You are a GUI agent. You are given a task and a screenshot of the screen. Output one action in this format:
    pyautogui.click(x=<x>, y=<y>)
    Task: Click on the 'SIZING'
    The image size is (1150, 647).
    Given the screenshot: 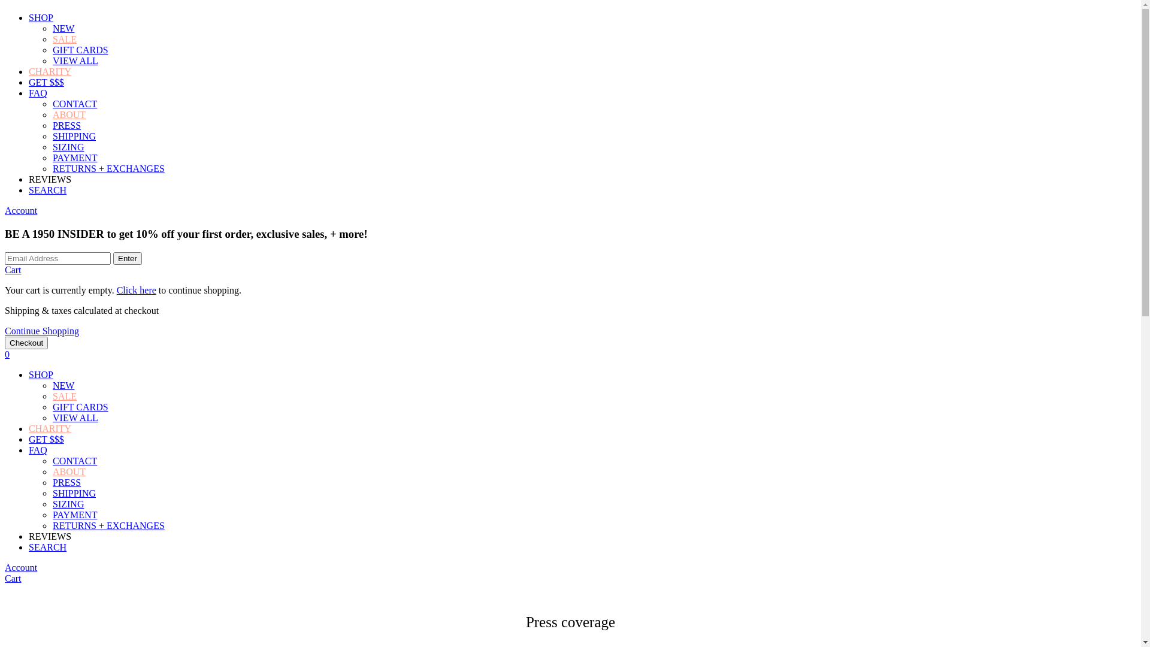 What is the action you would take?
    pyautogui.click(x=68, y=146)
    